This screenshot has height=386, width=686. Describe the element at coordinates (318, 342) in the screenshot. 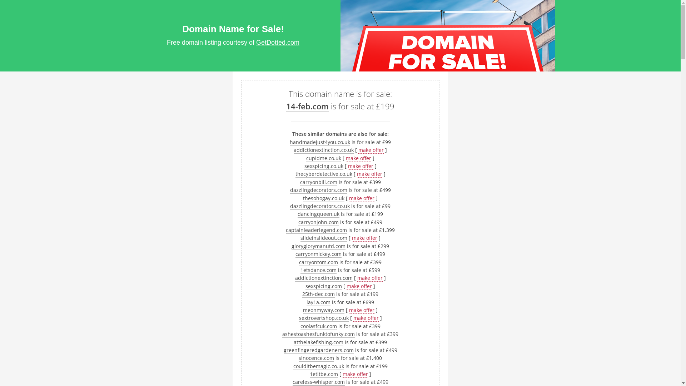

I see `'atthelakefishing.com'` at that location.